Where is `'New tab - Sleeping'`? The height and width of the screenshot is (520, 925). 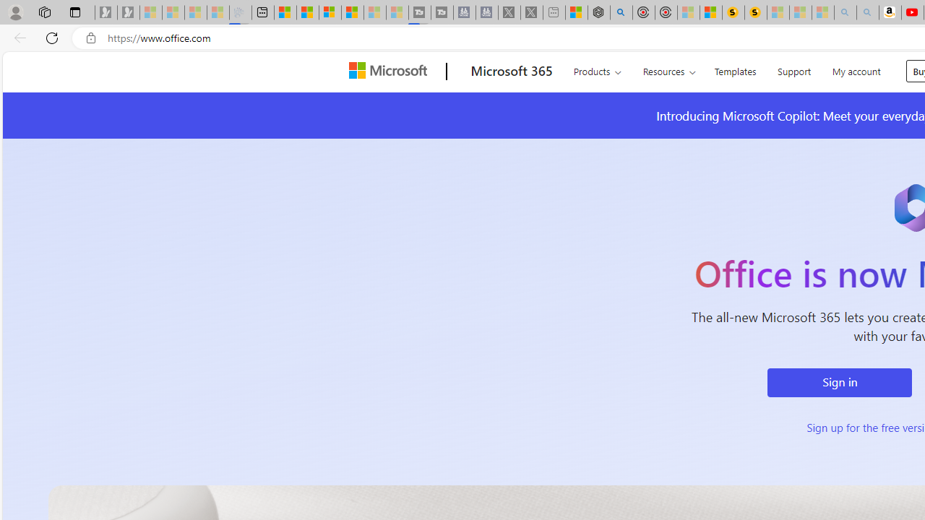
'New tab - Sleeping' is located at coordinates (553, 12).